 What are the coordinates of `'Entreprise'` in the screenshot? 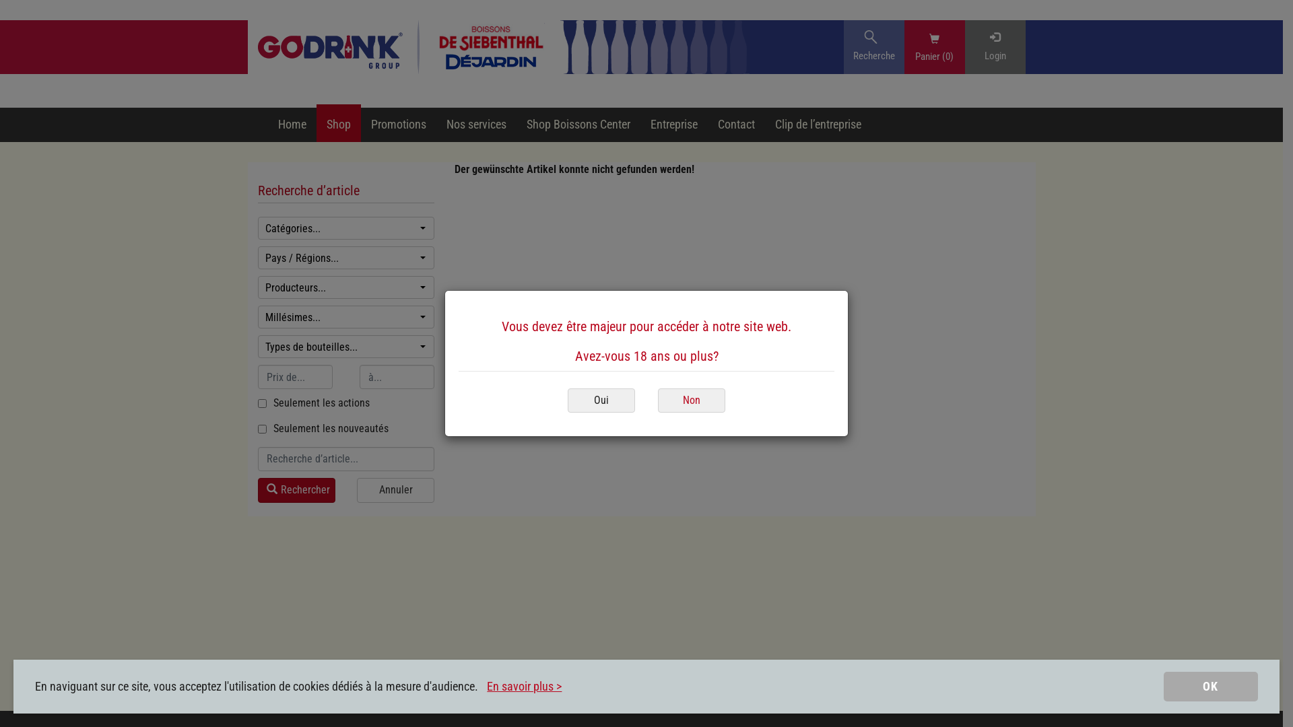 It's located at (673, 125).